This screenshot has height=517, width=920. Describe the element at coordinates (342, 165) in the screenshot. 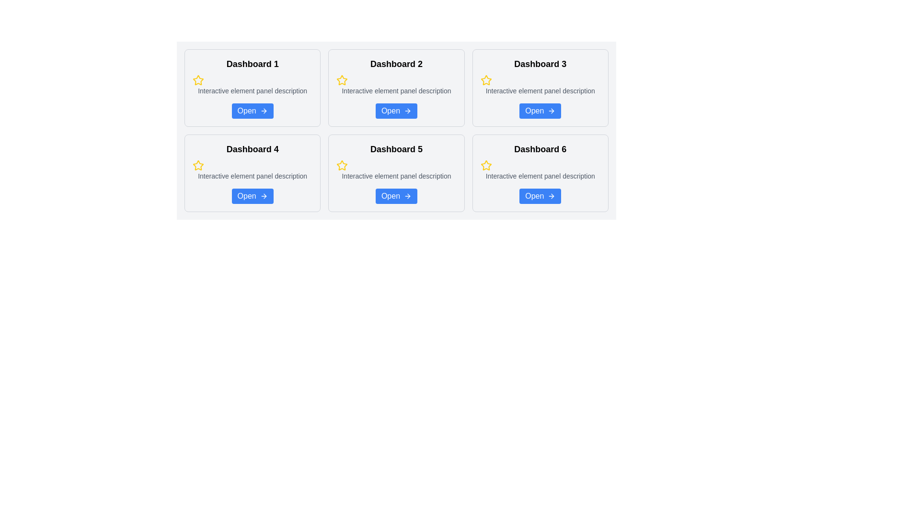

I see `the star icon in the top-left corner of the 'Dashboard 5' panel` at that location.